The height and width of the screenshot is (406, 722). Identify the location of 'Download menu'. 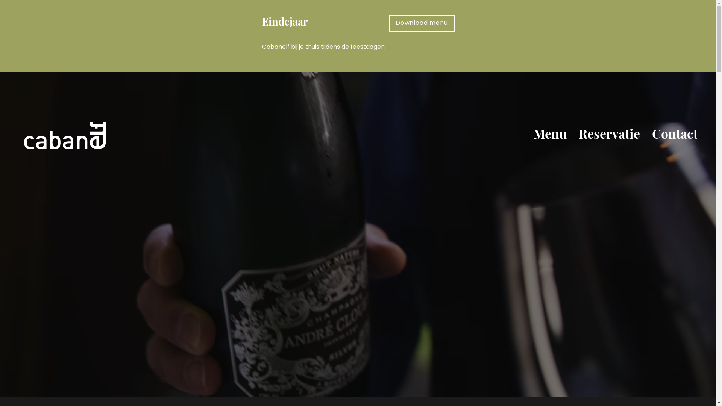
(422, 23).